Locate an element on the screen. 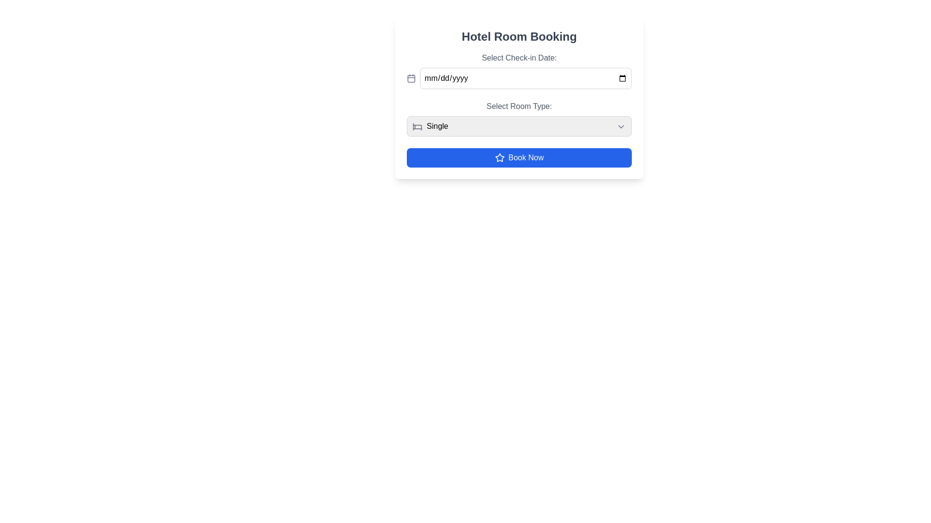 This screenshot has height=523, width=931. the 'Book Now' button with a bright blue background and rounded corners to initiate the booking process is located at coordinates (518, 157).